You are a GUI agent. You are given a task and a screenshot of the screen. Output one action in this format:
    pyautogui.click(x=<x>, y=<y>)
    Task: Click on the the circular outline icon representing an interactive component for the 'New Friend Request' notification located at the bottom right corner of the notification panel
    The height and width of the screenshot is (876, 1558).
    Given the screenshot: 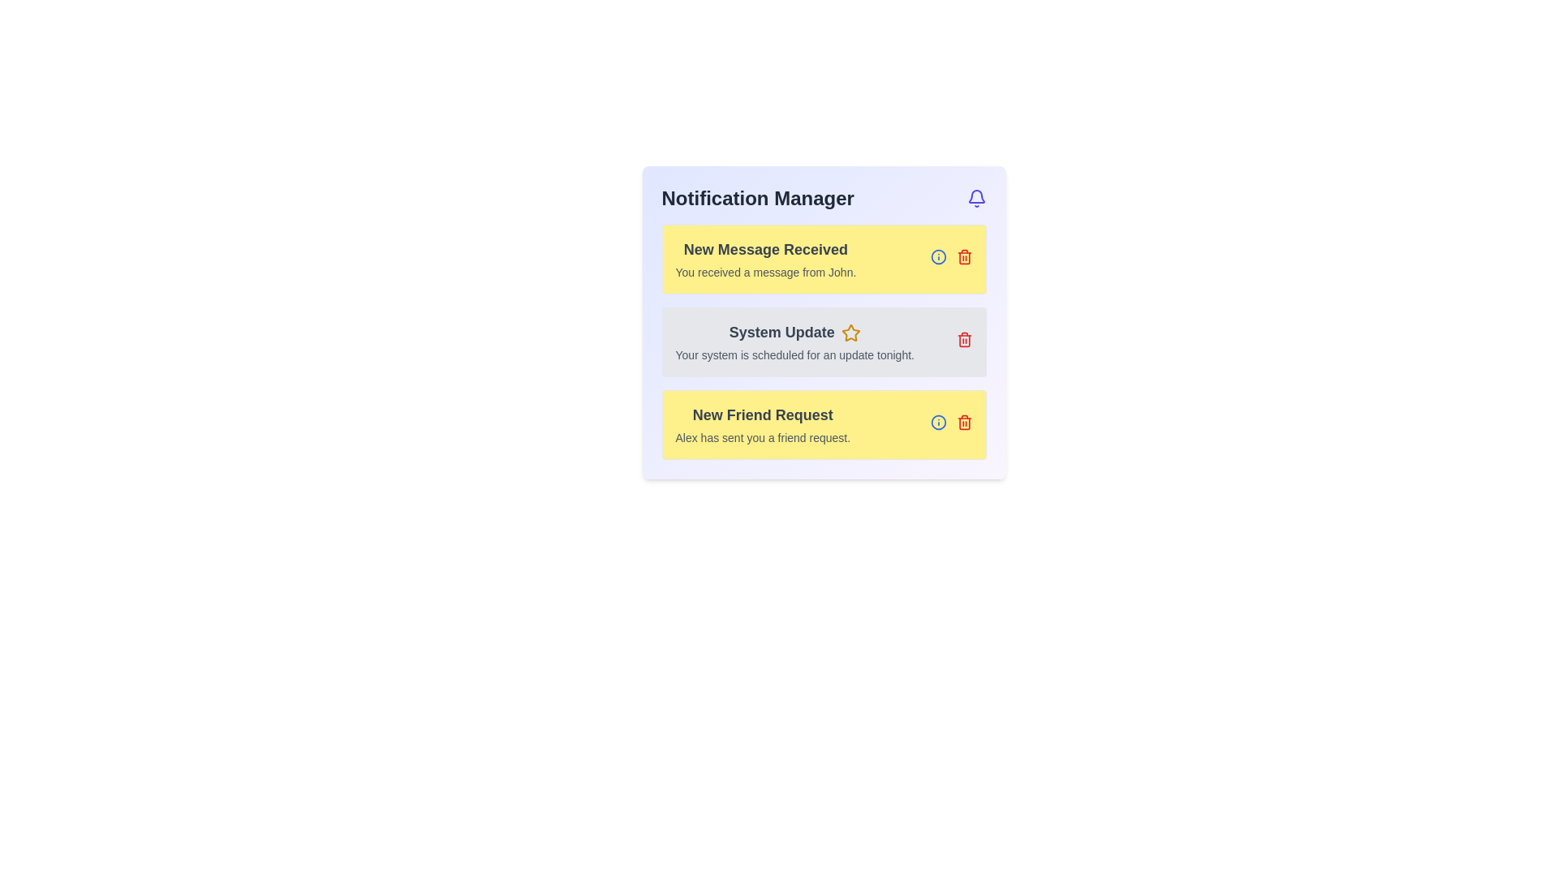 What is the action you would take?
    pyautogui.click(x=938, y=255)
    